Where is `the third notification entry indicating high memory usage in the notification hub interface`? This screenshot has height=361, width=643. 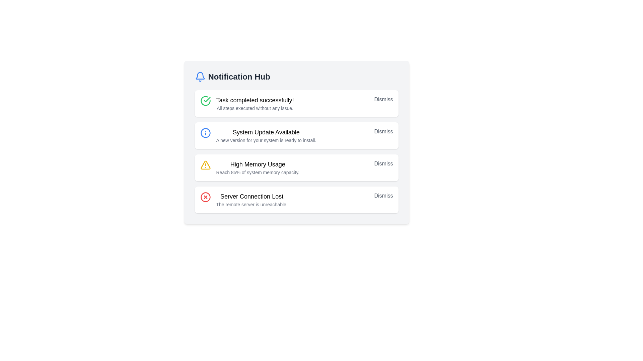 the third notification entry indicating high memory usage in the notification hub interface is located at coordinates (257, 167).